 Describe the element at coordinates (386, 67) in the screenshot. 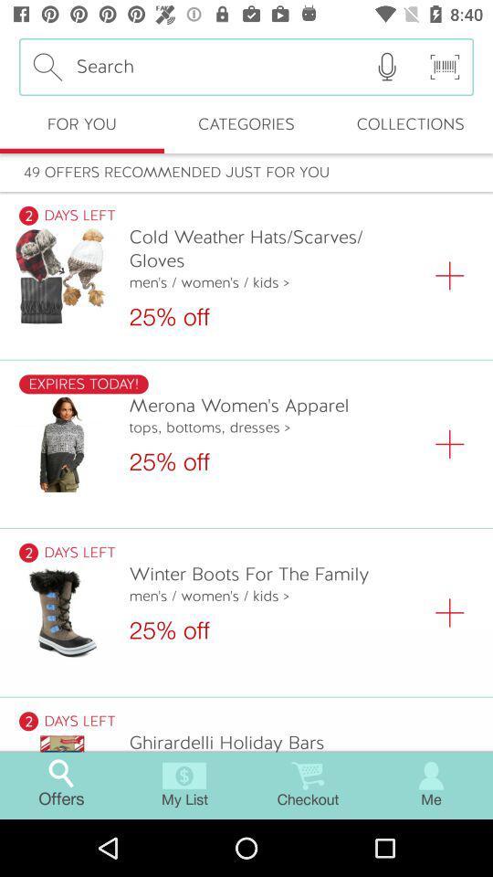

I see `item above the collections icon` at that location.